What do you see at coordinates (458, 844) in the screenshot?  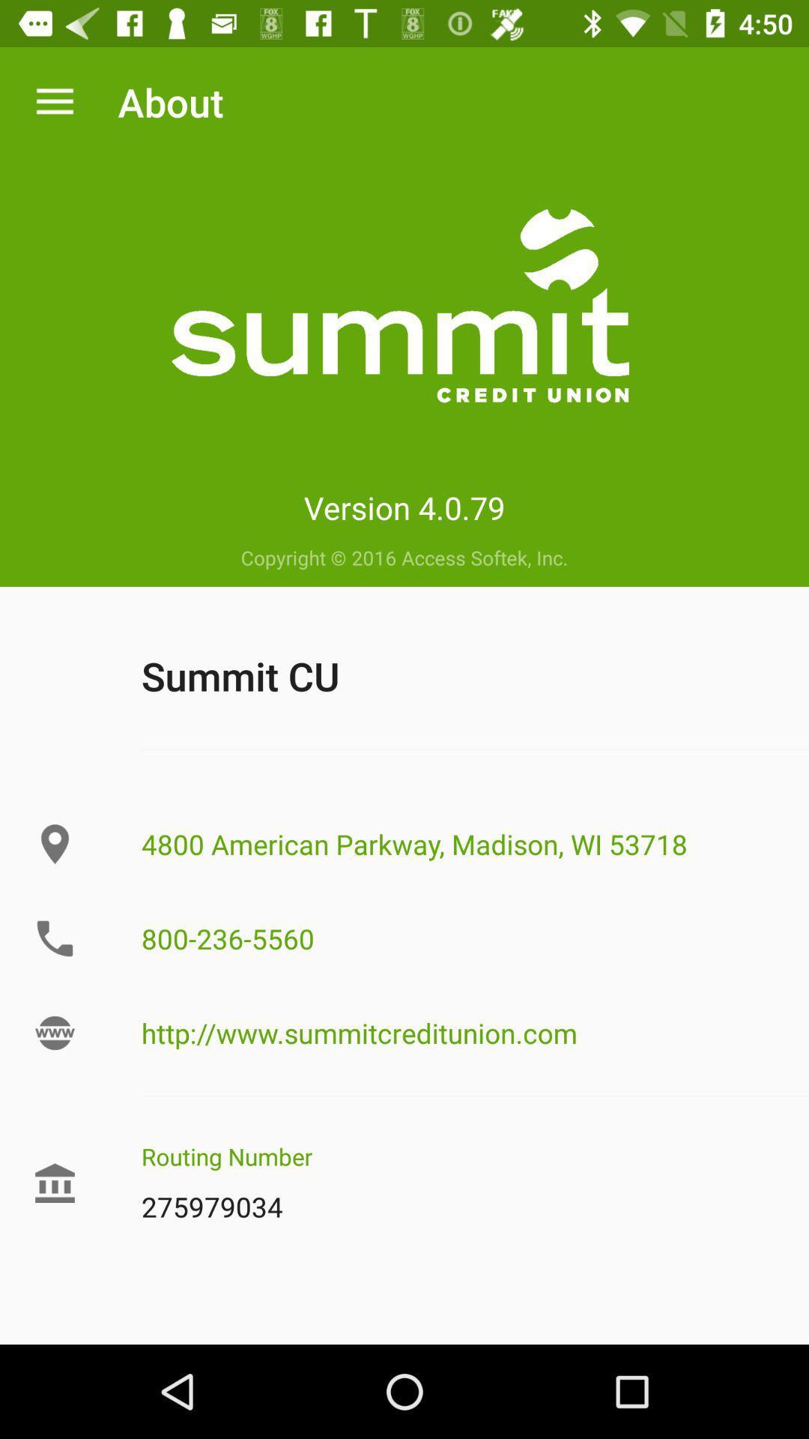 I see `the 4800 american parkway icon` at bounding box center [458, 844].